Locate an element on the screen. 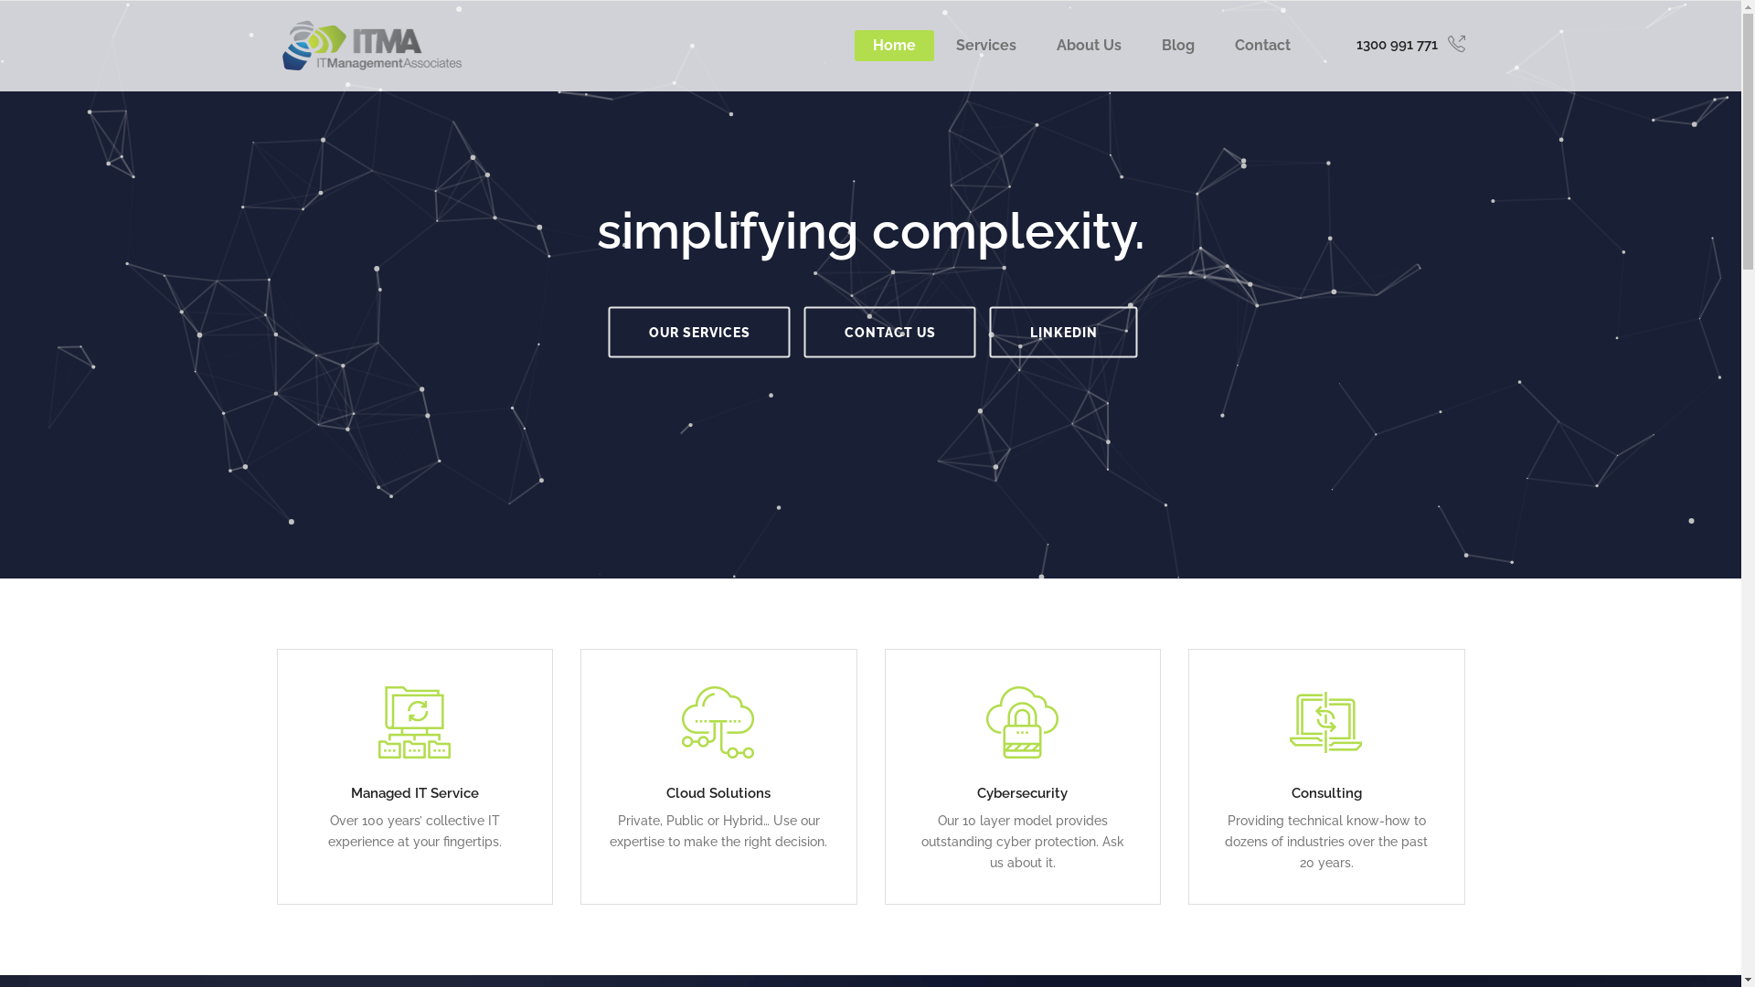 Image resolution: width=1755 pixels, height=987 pixels. 'Services' is located at coordinates (985, 45).